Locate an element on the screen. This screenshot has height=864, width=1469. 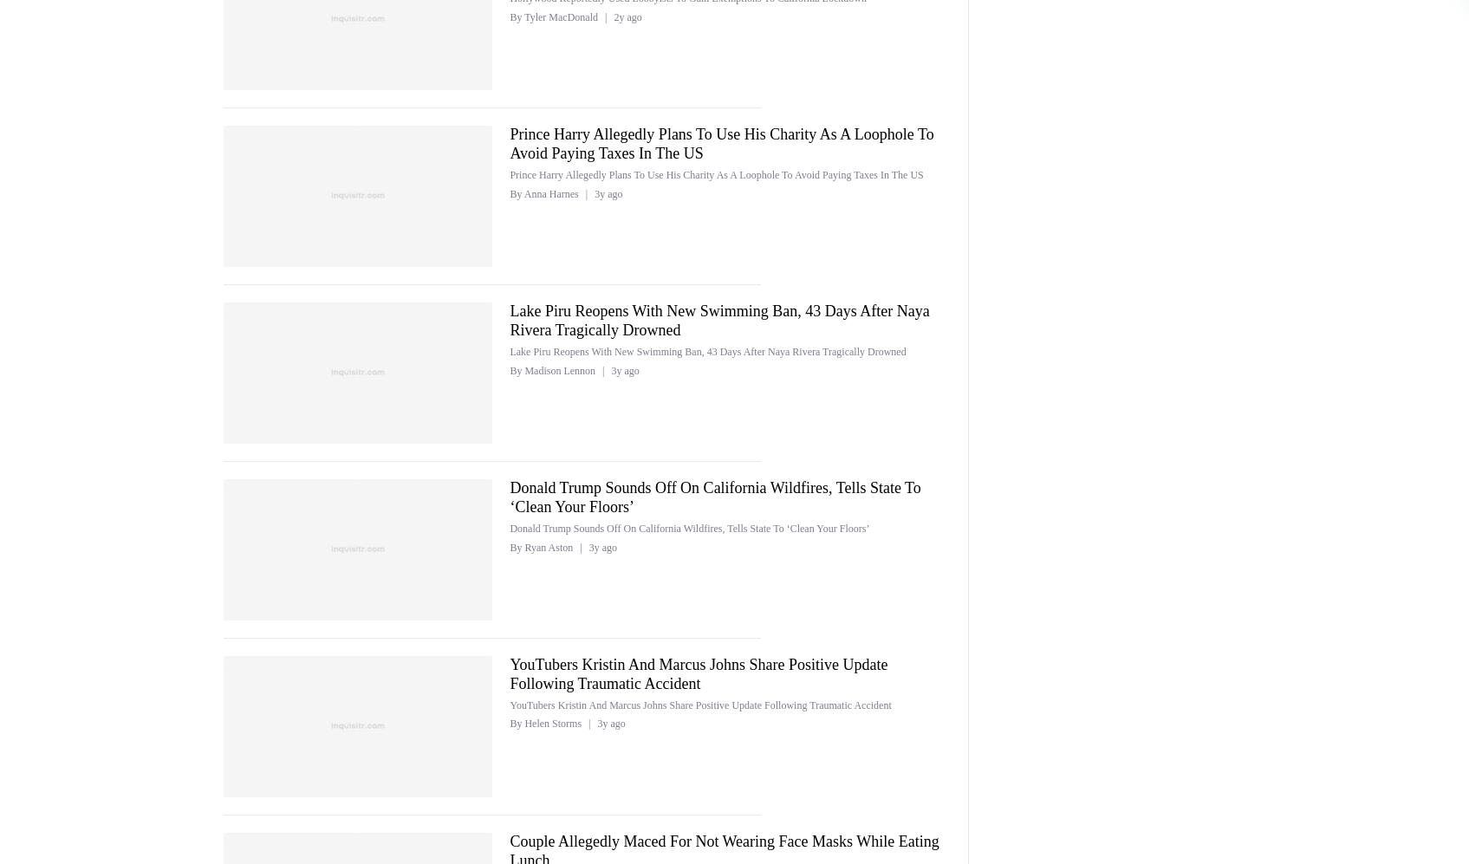
'By Tyler MacDonald' is located at coordinates (554, 16).